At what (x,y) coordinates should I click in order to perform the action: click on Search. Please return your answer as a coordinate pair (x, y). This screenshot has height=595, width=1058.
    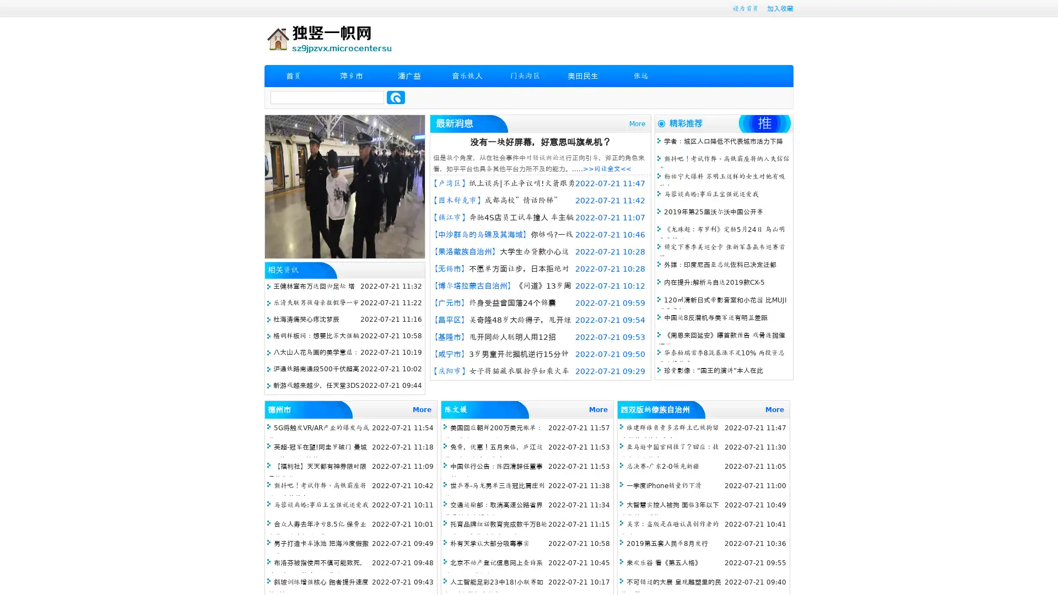
    Looking at the image, I should click on (396, 97).